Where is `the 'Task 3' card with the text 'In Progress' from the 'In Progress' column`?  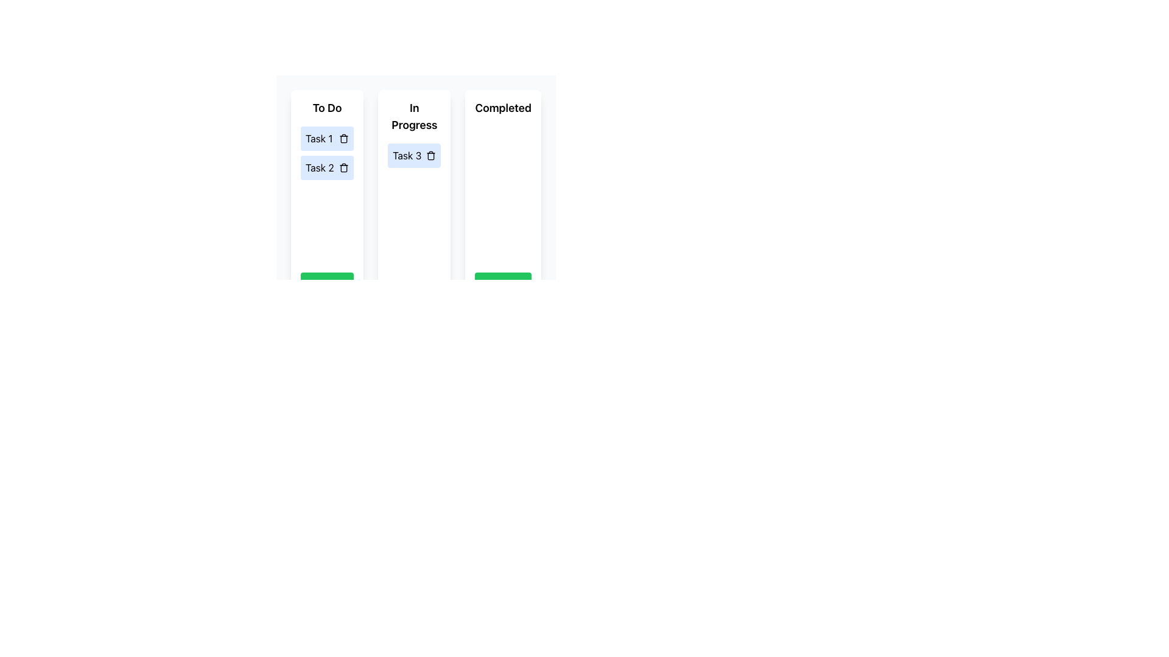 the 'Task 3' card with the text 'In Progress' from the 'In Progress' column is located at coordinates (416, 170).